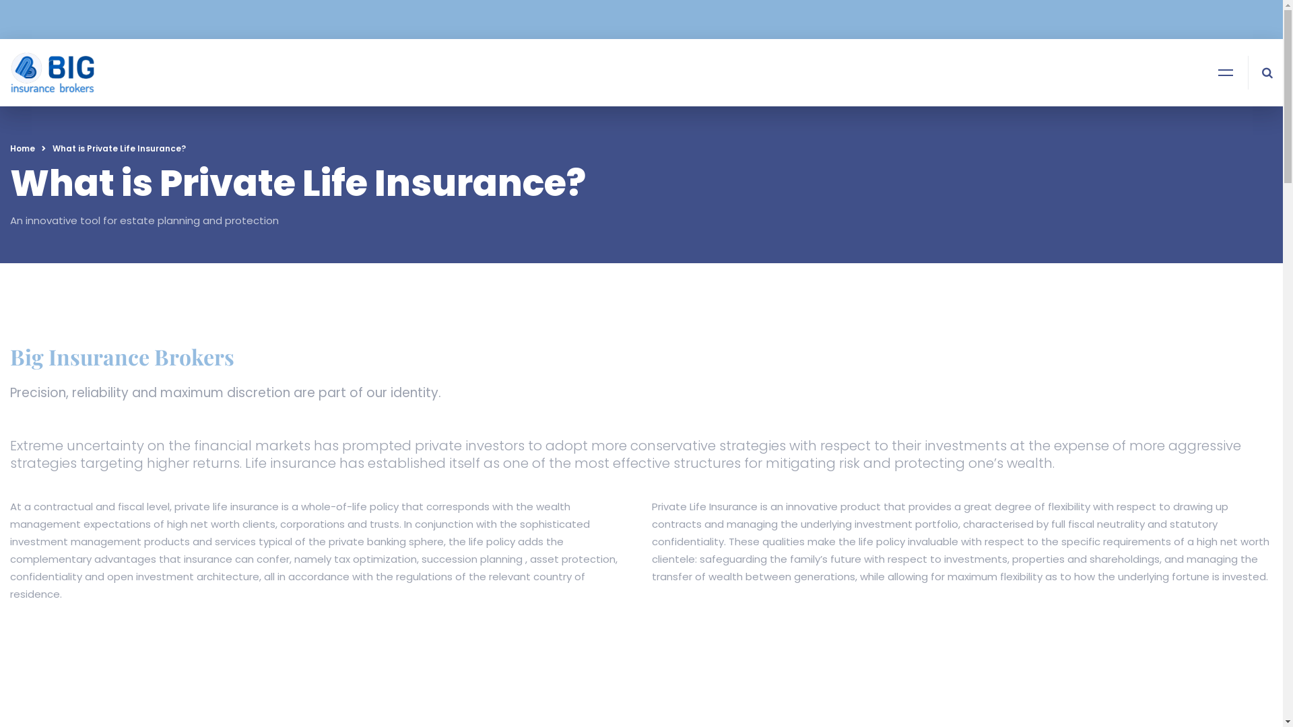 This screenshot has height=727, width=1293. Describe the element at coordinates (22, 148) in the screenshot. I see `'Home'` at that location.